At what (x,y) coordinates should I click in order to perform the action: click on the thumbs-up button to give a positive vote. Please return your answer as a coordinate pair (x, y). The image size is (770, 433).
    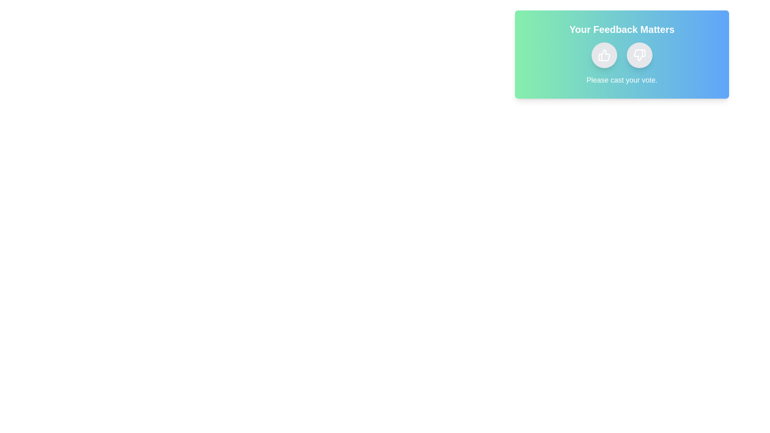
    Looking at the image, I should click on (604, 55).